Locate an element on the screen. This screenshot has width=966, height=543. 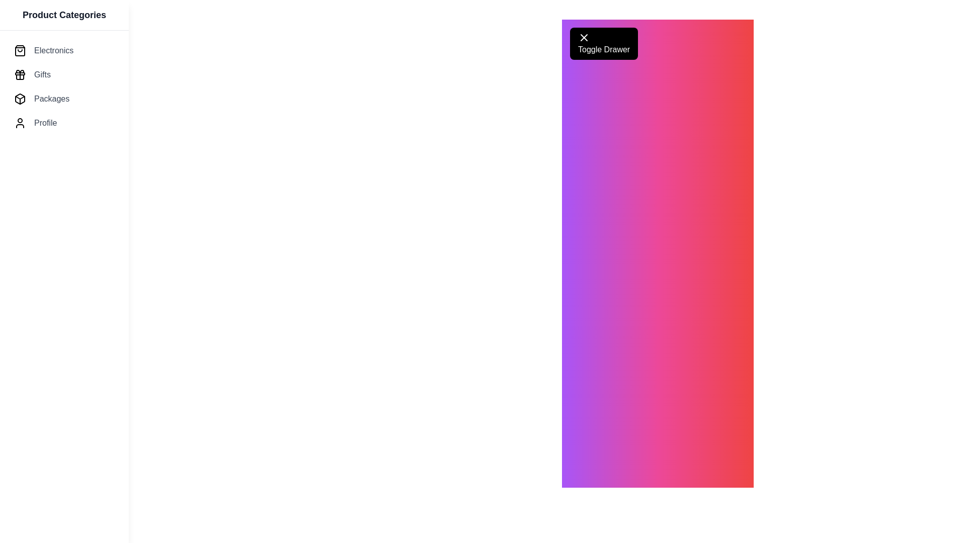
the icon representing the Electronics category is located at coordinates (20, 50).